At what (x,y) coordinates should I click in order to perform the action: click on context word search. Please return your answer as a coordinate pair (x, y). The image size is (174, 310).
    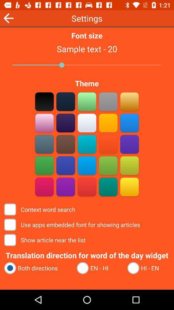
    Looking at the image, I should click on (129, 187).